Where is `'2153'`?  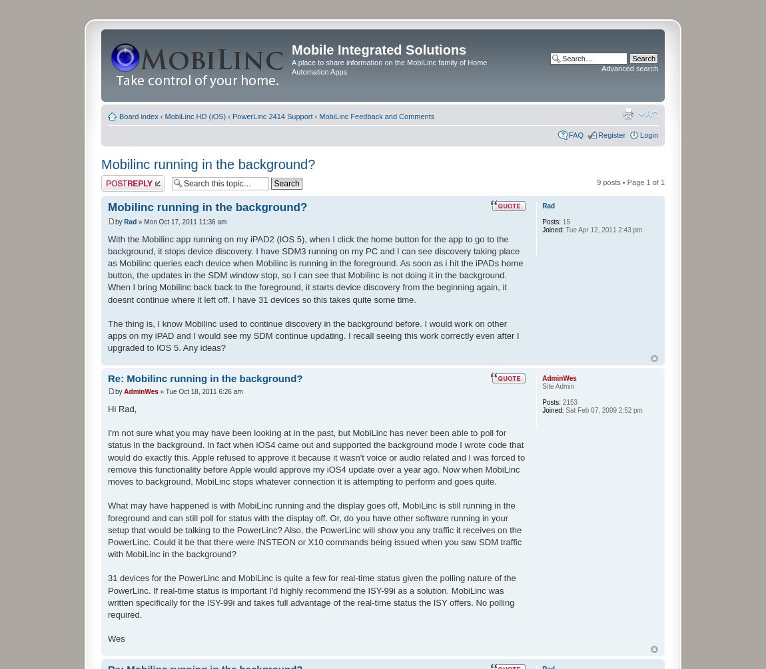 '2153' is located at coordinates (560, 401).